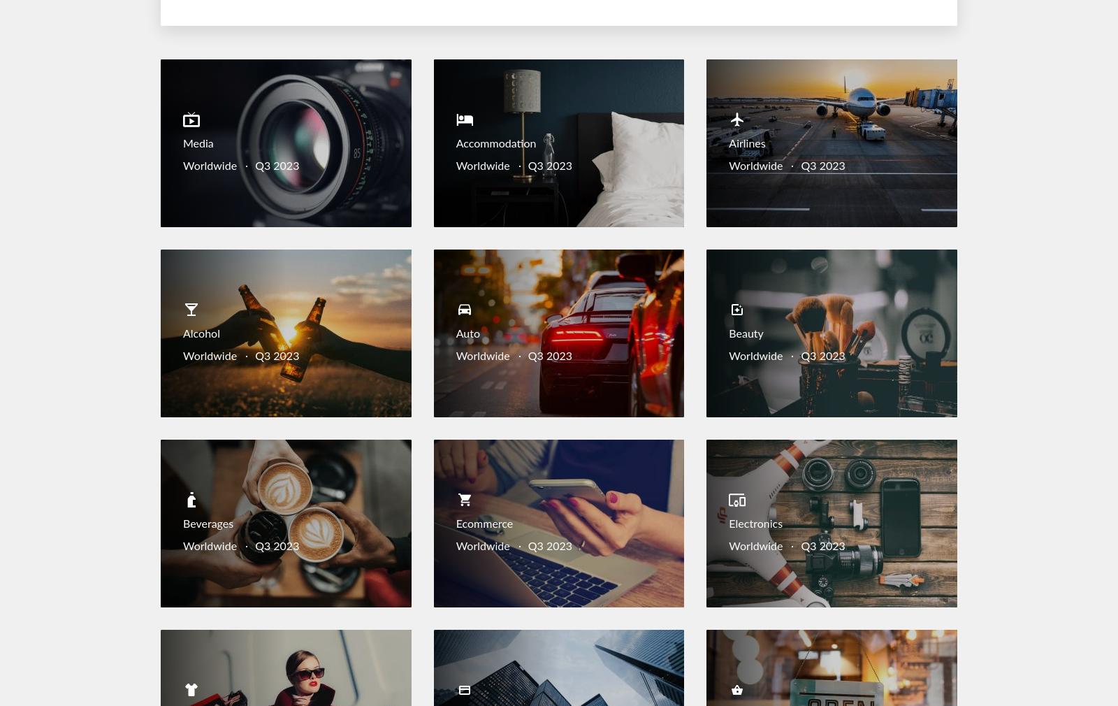 The width and height of the screenshot is (1118, 706). I want to click on 'Media', so click(198, 143).